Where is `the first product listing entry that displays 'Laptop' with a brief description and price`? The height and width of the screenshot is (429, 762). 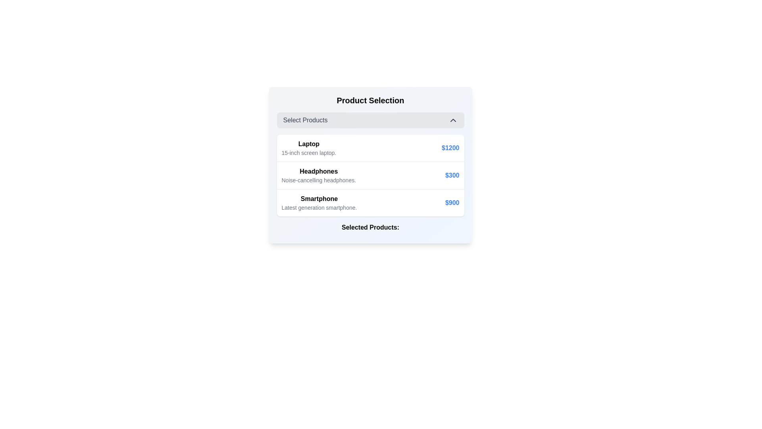
the first product listing entry that displays 'Laptop' with a brief description and price is located at coordinates (370, 148).